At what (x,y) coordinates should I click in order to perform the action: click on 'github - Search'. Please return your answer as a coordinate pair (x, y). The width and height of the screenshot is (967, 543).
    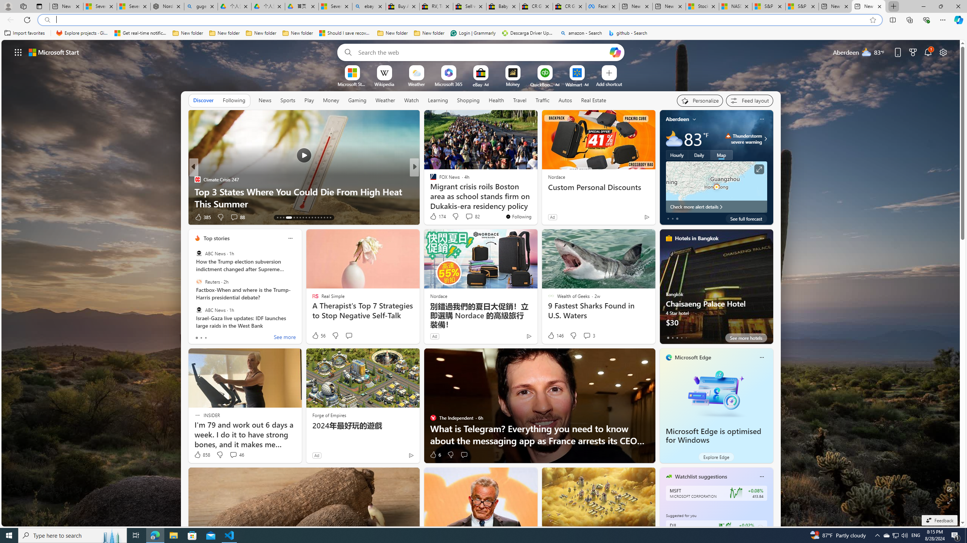
    Looking at the image, I should click on (628, 33).